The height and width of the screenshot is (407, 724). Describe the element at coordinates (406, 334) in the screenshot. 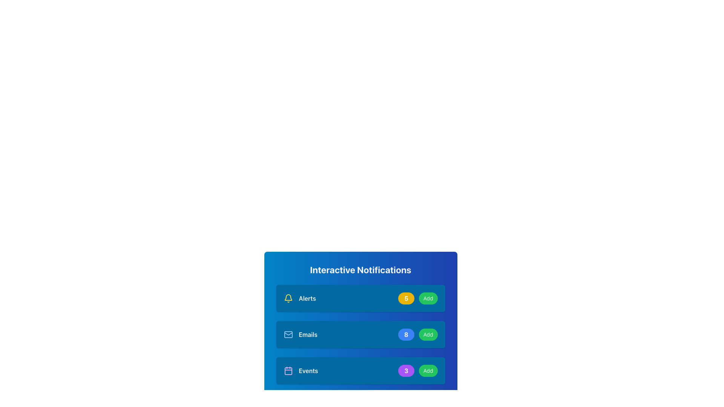

I see `the email notification badge located under the 'Emails' label, to the left of the green 'Add' button` at that location.